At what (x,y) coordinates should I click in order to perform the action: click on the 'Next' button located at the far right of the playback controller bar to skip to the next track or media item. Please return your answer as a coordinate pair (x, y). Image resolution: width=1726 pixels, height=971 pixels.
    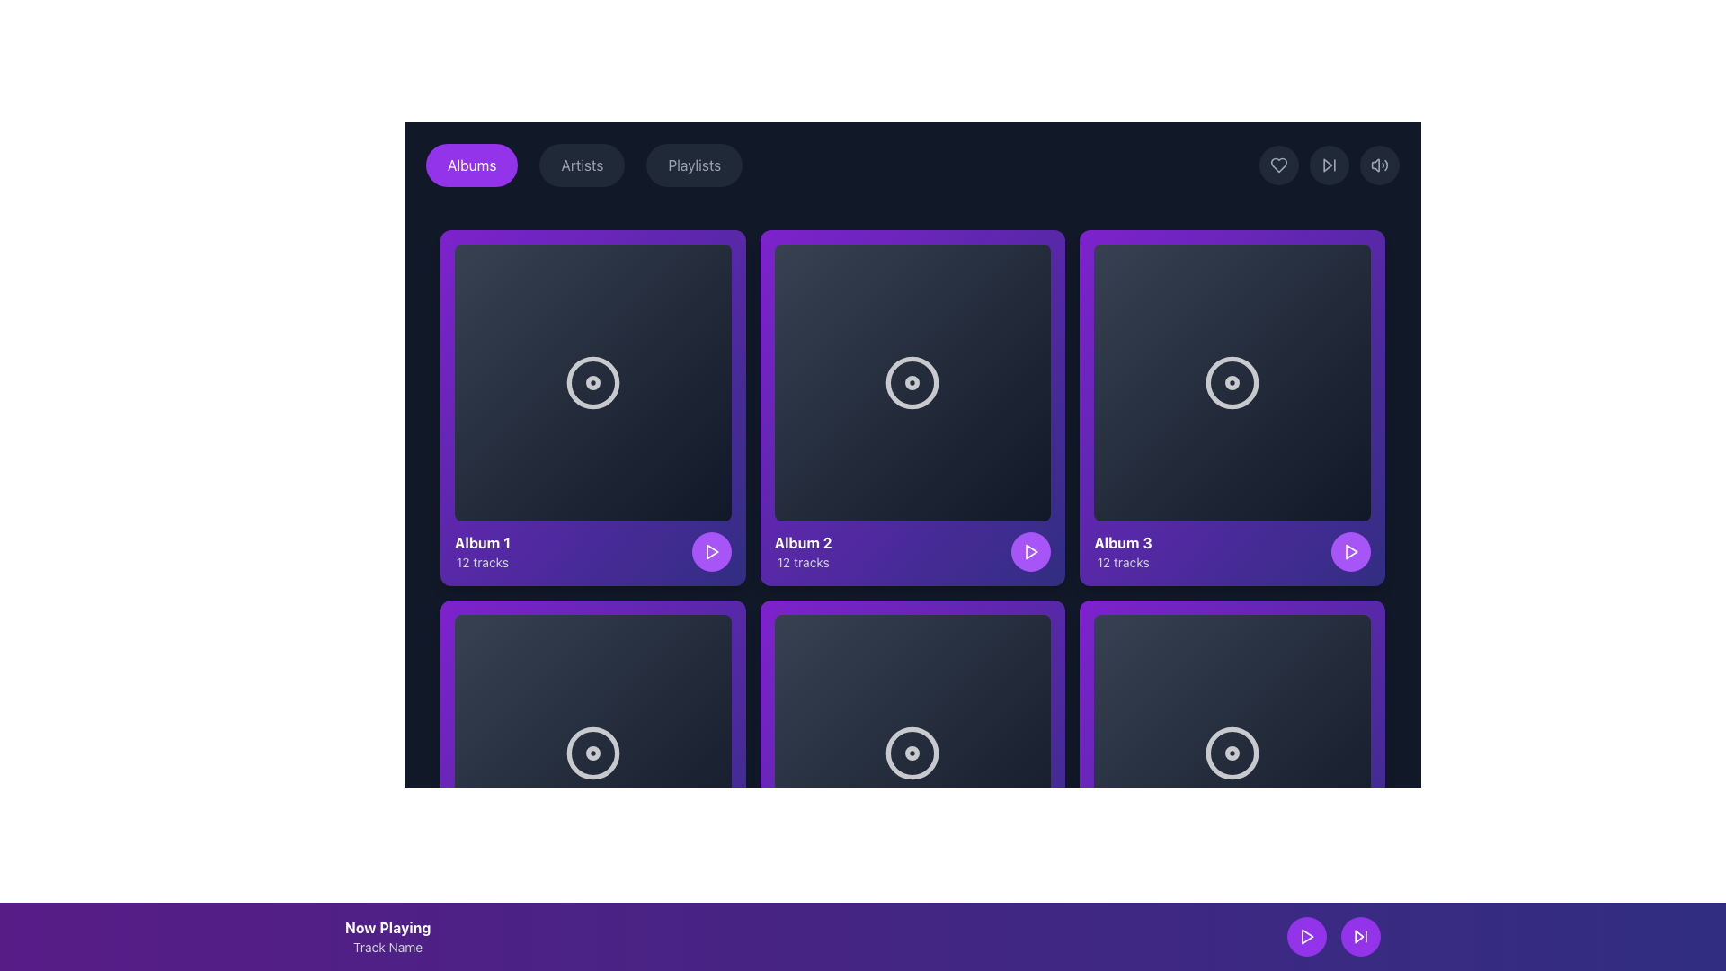
    Looking at the image, I should click on (1351, 922).